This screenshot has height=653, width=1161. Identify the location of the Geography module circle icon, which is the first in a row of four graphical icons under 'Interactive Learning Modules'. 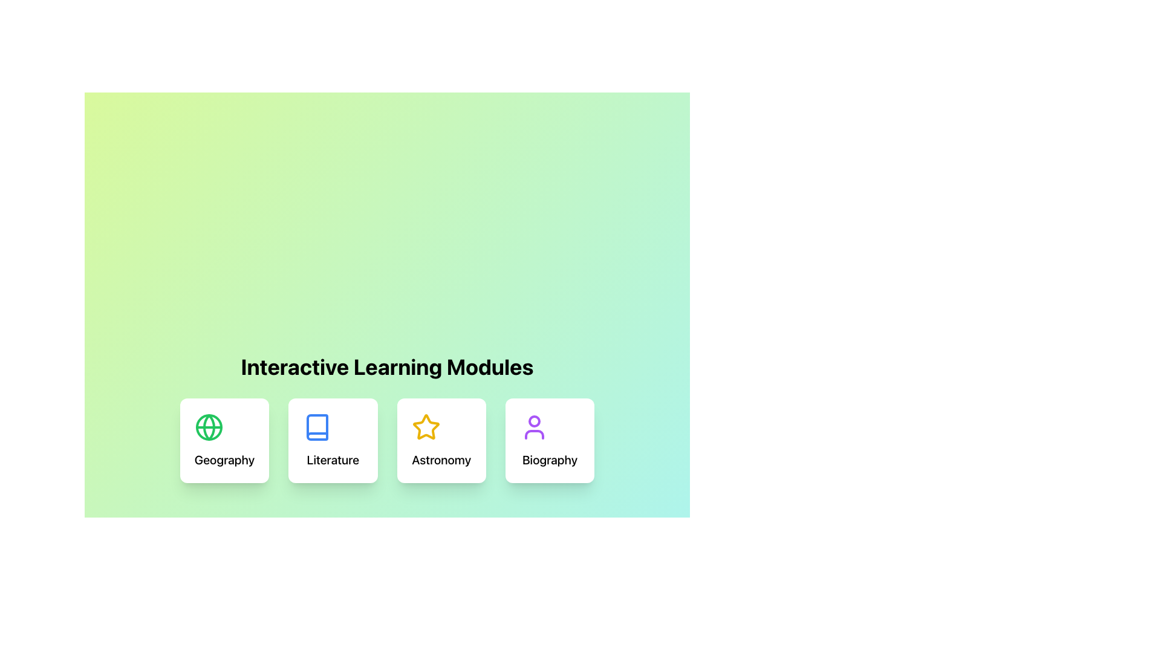
(209, 426).